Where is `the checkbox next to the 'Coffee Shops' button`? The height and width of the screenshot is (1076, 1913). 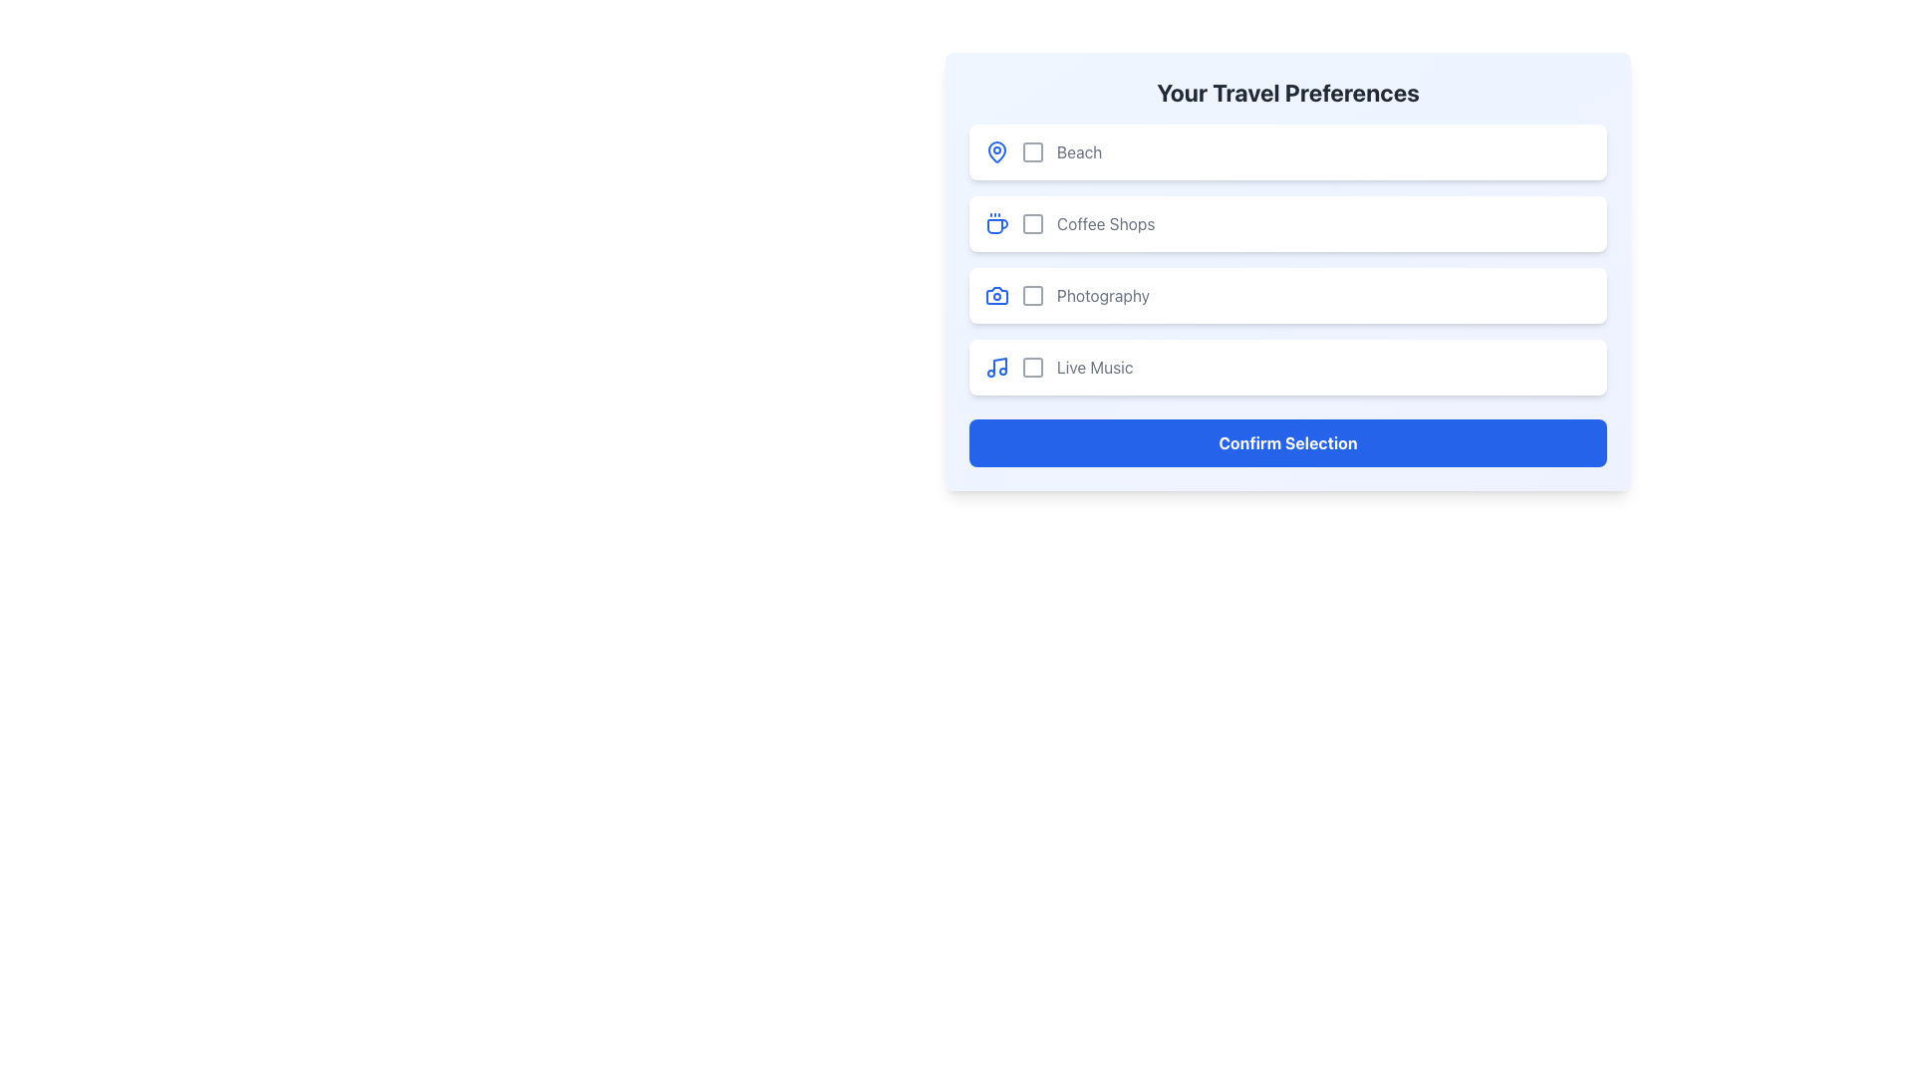 the checkbox next to the 'Coffee Shops' button is located at coordinates (1287, 223).